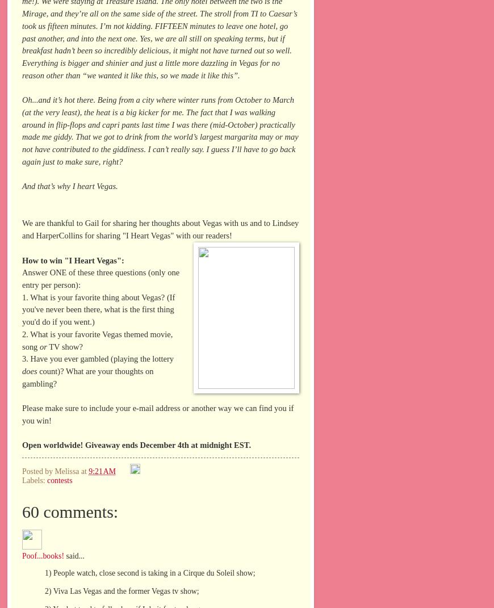 The image size is (494, 608). What do you see at coordinates (157, 414) in the screenshot?
I see `'Please make sure to include your e-mail address or another way we can find you if you win!'` at bounding box center [157, 414].